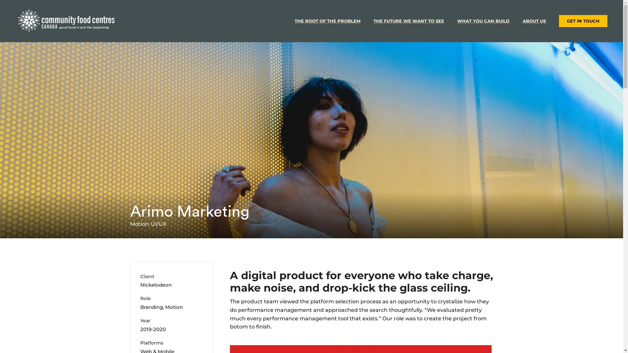 This screenshot has width=628, height=353. Describe the element at coordinates (583, 21) in the screenshot. I see `'GET IN TOUCH'` at that location.